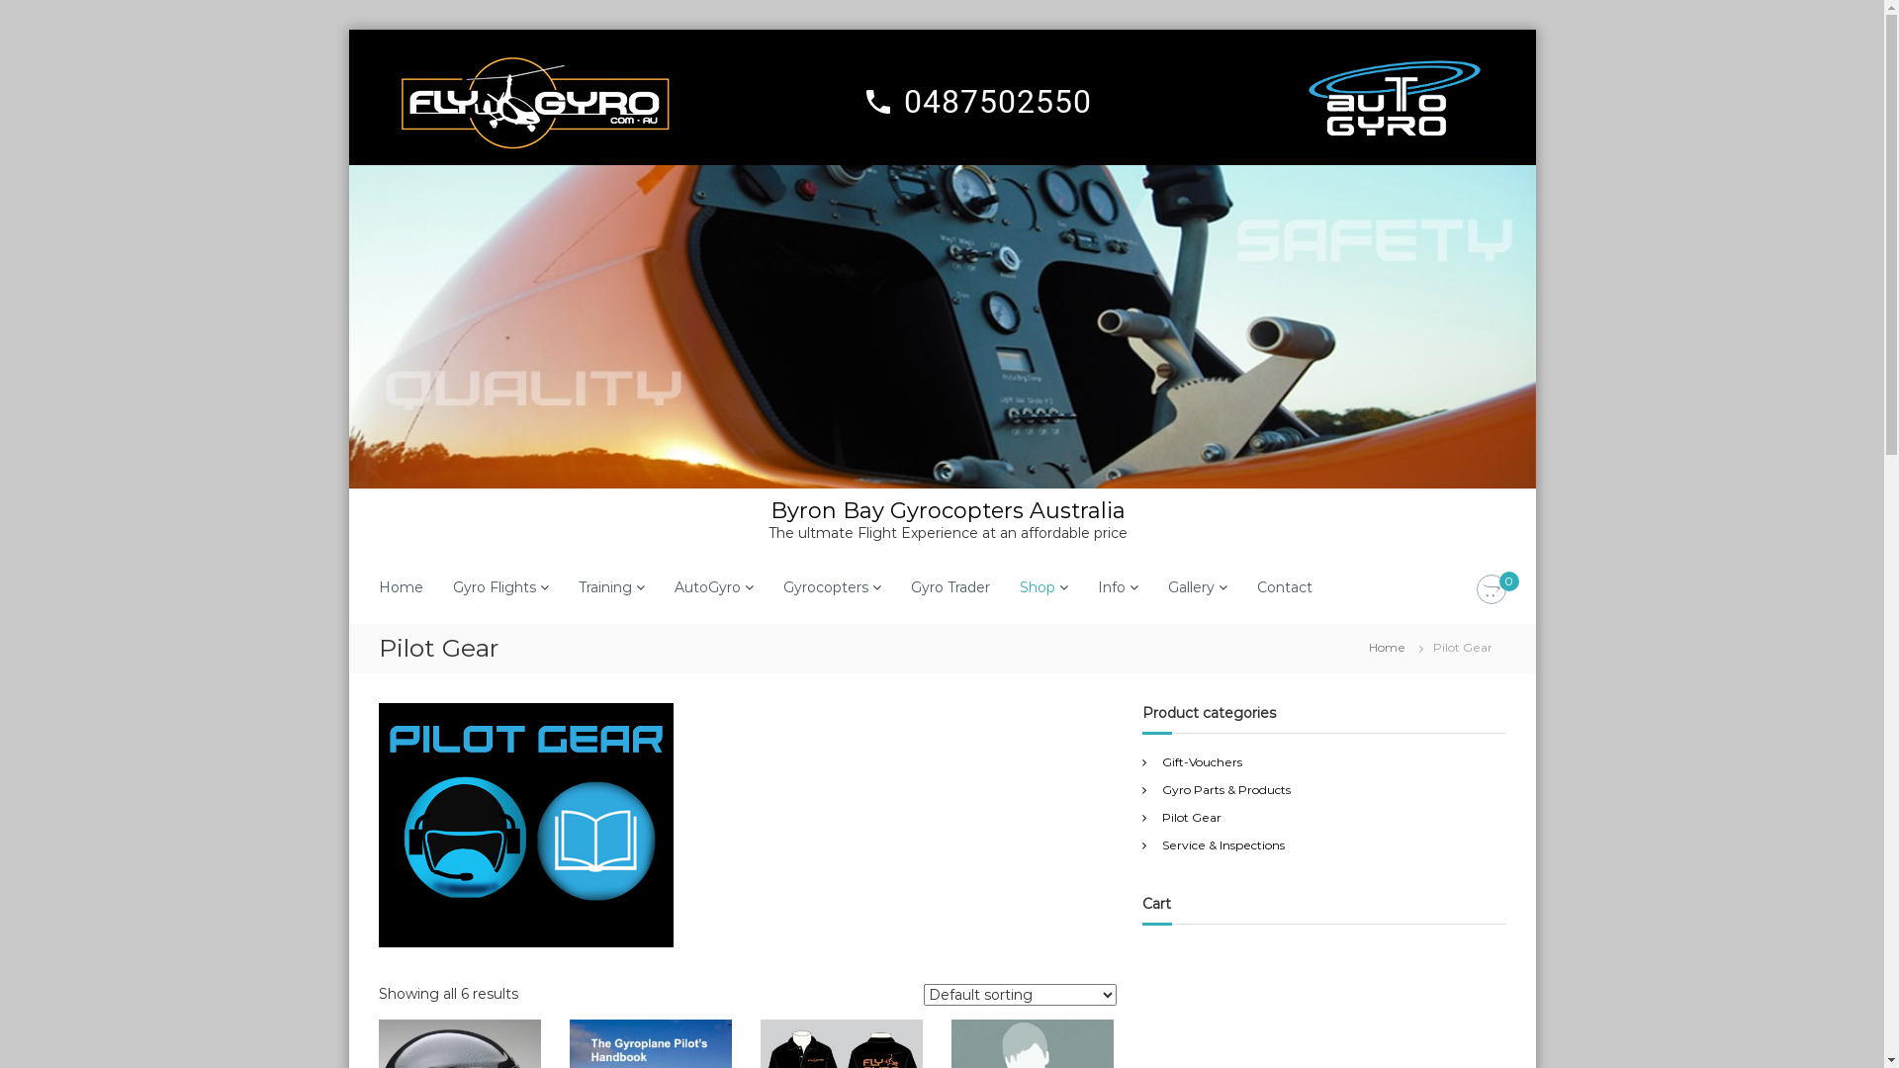 This screenshot has height=1068, width=1899. Describe the element at coordinates (1491, 589) in the screenshot. I see `'0'` at that location.